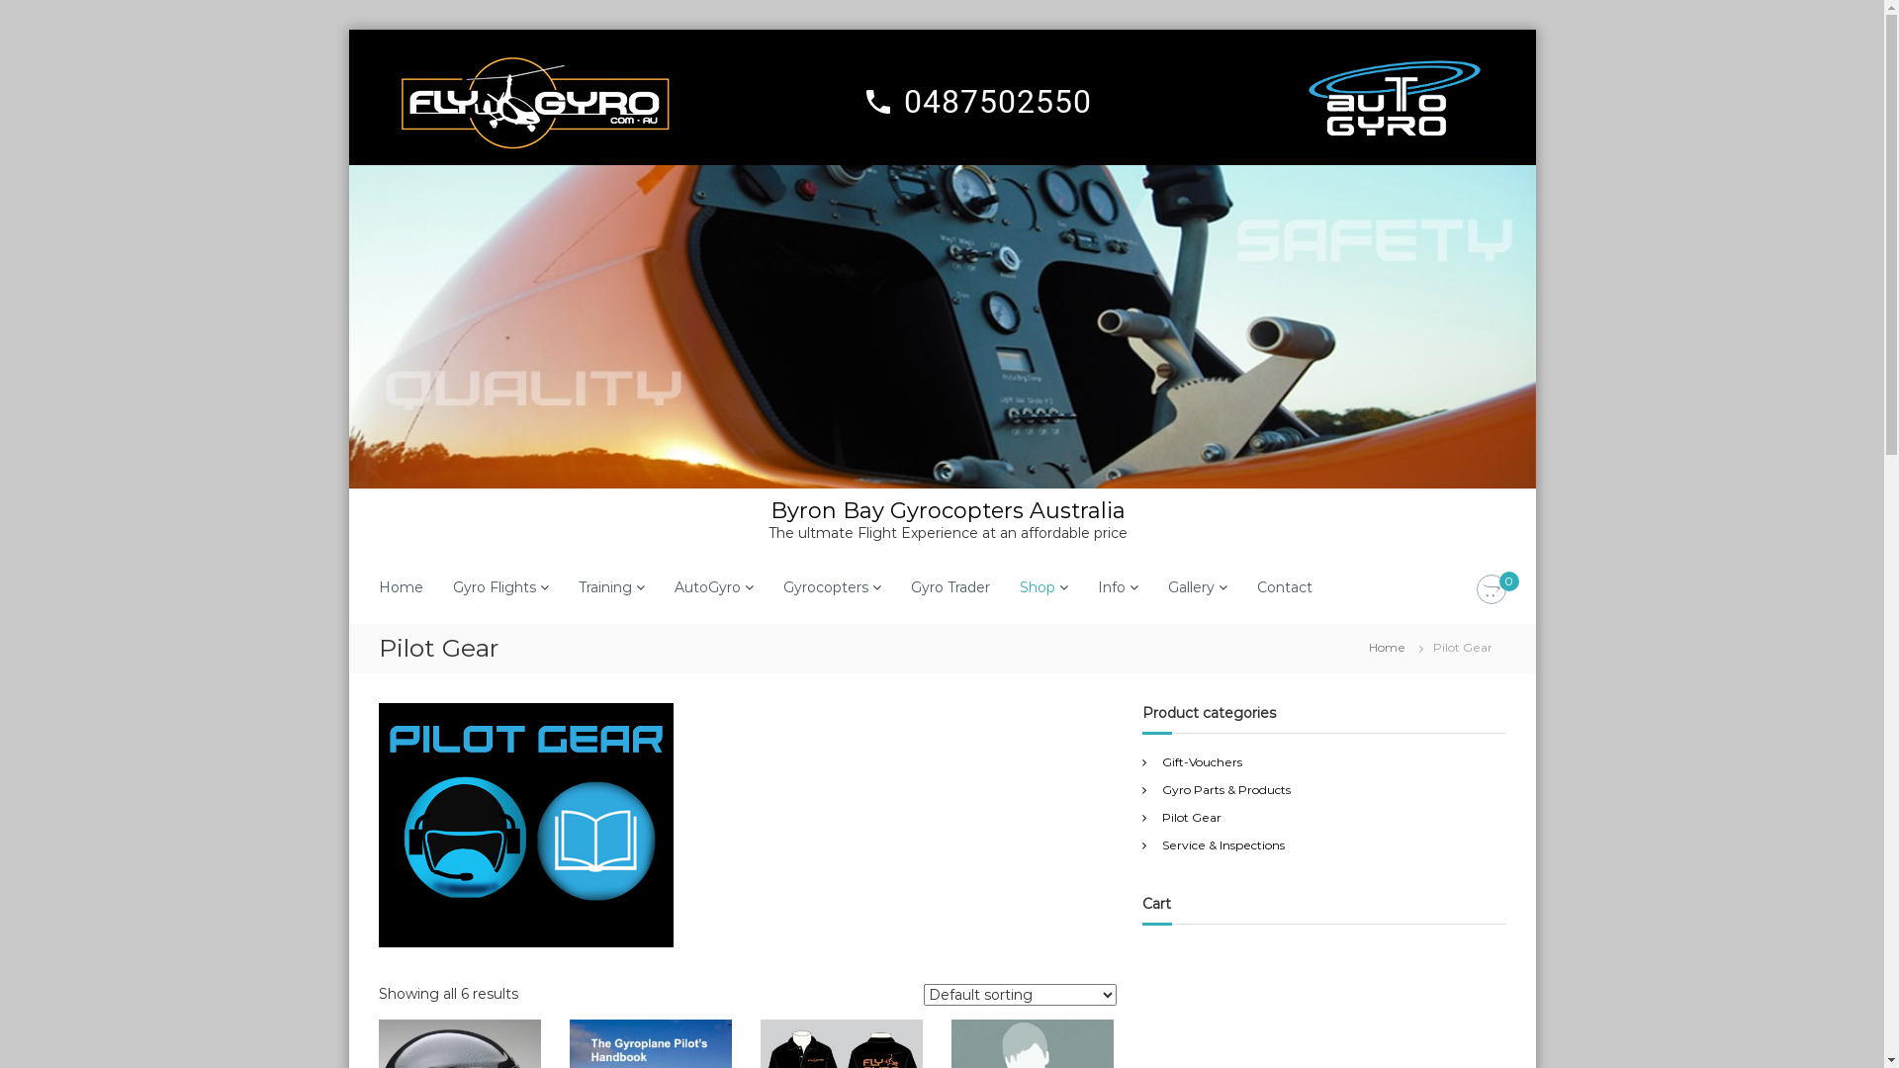 This screenshot has height=1068, width=1899. Describe the element at coordinates (1491, 589) in the screenshot. I see `'0'` at that location.